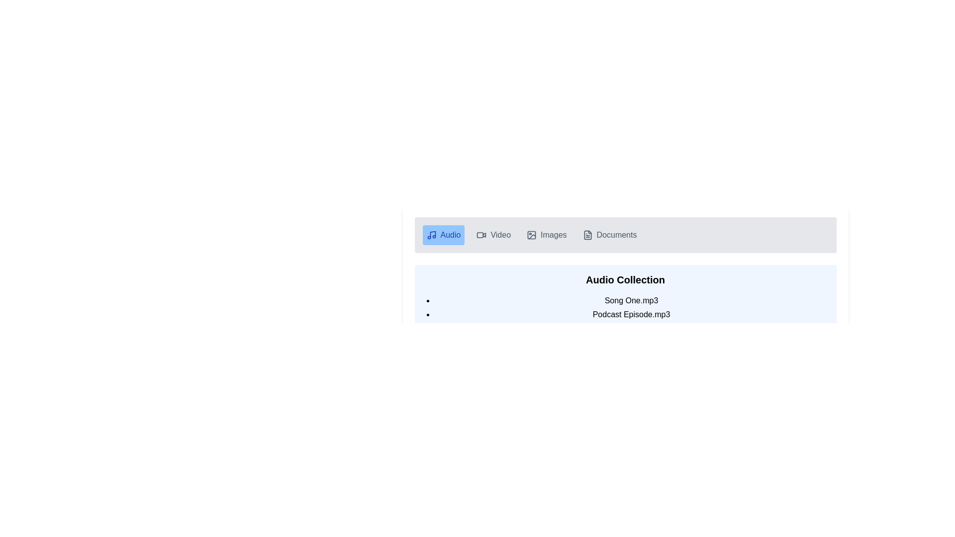  What do you see at coordinates (531, 235) in the screenshot?
I see `the SVG Icon representing the 'Images' section in the navigation menu` at bounding box center [531, 235].